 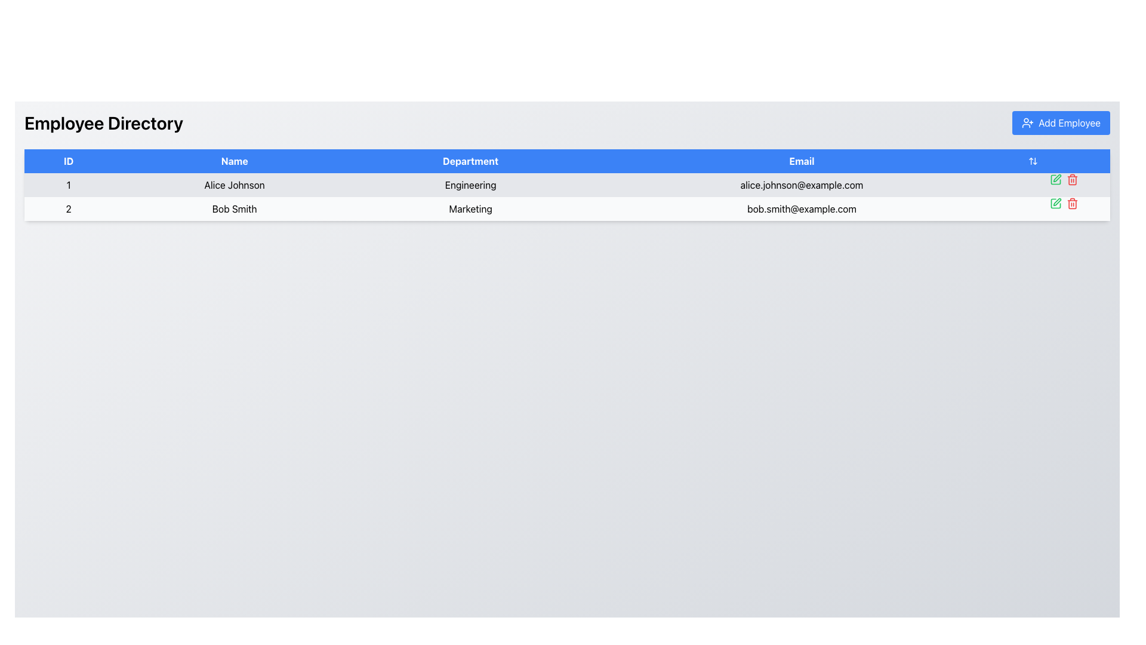 I want to click on the red trashcan icon on the rightmost side of the second row in the table, so click(x=1073, y=202).